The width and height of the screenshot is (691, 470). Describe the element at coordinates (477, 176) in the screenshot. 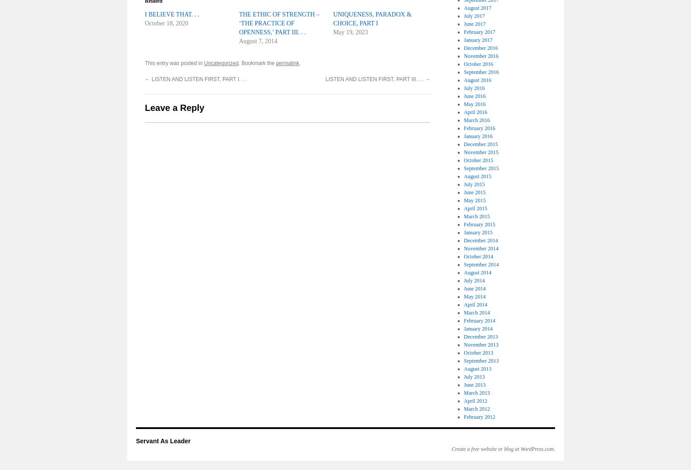

I see `'August 2015'` at that location.